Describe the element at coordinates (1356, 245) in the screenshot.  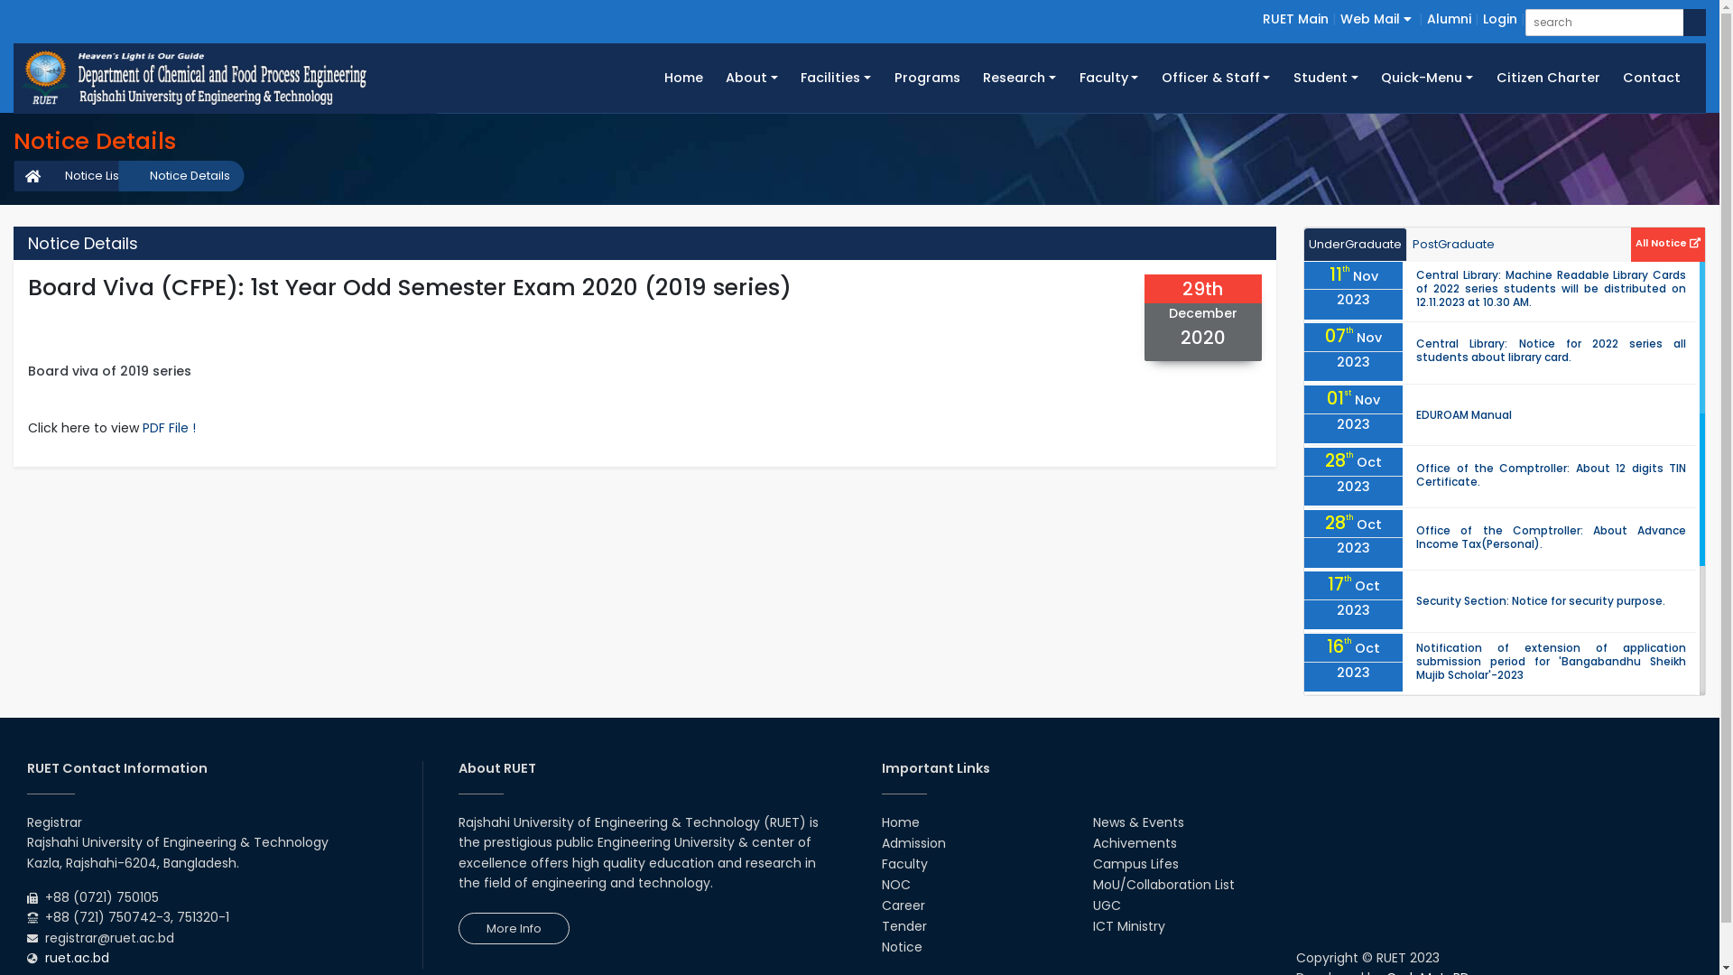
I see `'UnderGraduate'` at that location.